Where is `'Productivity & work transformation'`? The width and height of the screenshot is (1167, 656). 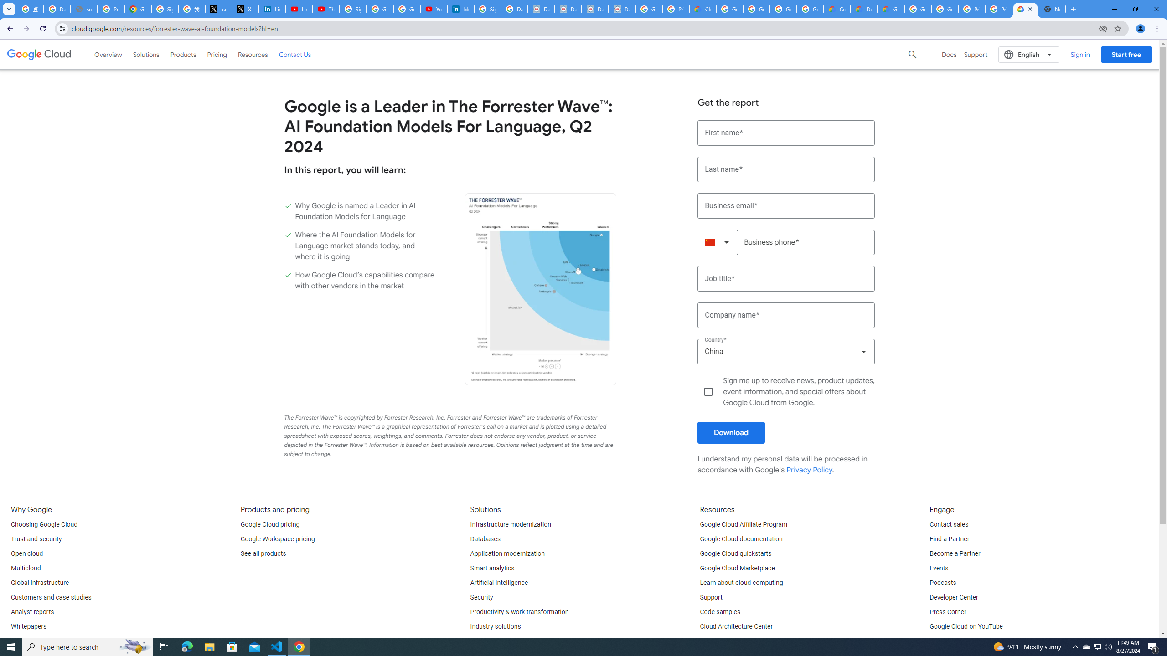 'Productivity & work transformation' is located at coordinates (520, 612).